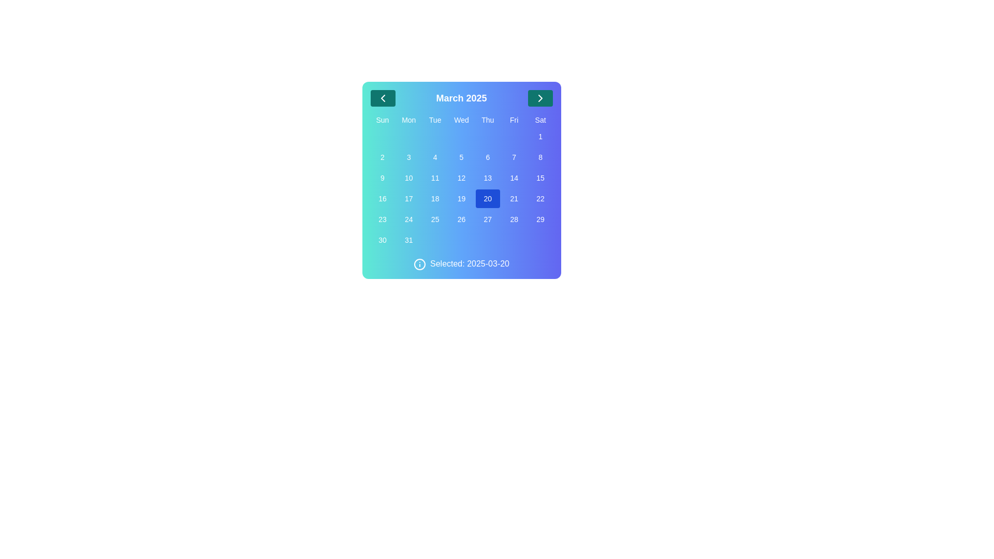 This screenshot has height=559, width=994. What do you see at coordinates (514, 136) in the screenshot?
I see `the small rectangular placeholder element with a blue gradient background located in the Friday column of the calendar grid` at bounding box center [514, 136].